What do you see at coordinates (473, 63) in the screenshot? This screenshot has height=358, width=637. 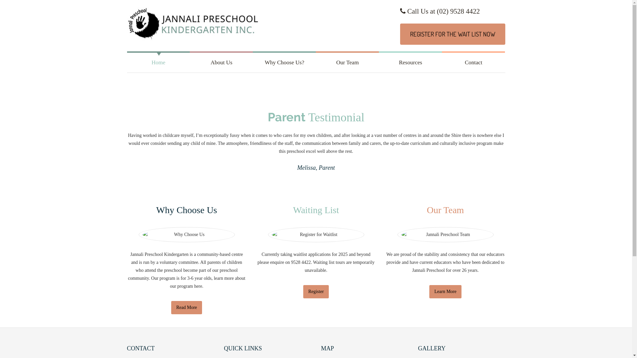 I see `'Contact'` at bounding box center [473, 63].